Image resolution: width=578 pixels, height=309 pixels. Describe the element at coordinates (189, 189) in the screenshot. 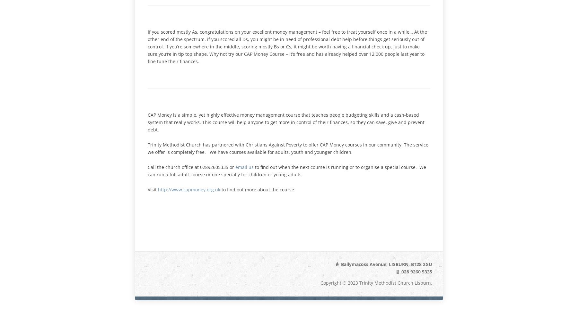

I see `'http://www.capmoney.org.uk'` at that location.